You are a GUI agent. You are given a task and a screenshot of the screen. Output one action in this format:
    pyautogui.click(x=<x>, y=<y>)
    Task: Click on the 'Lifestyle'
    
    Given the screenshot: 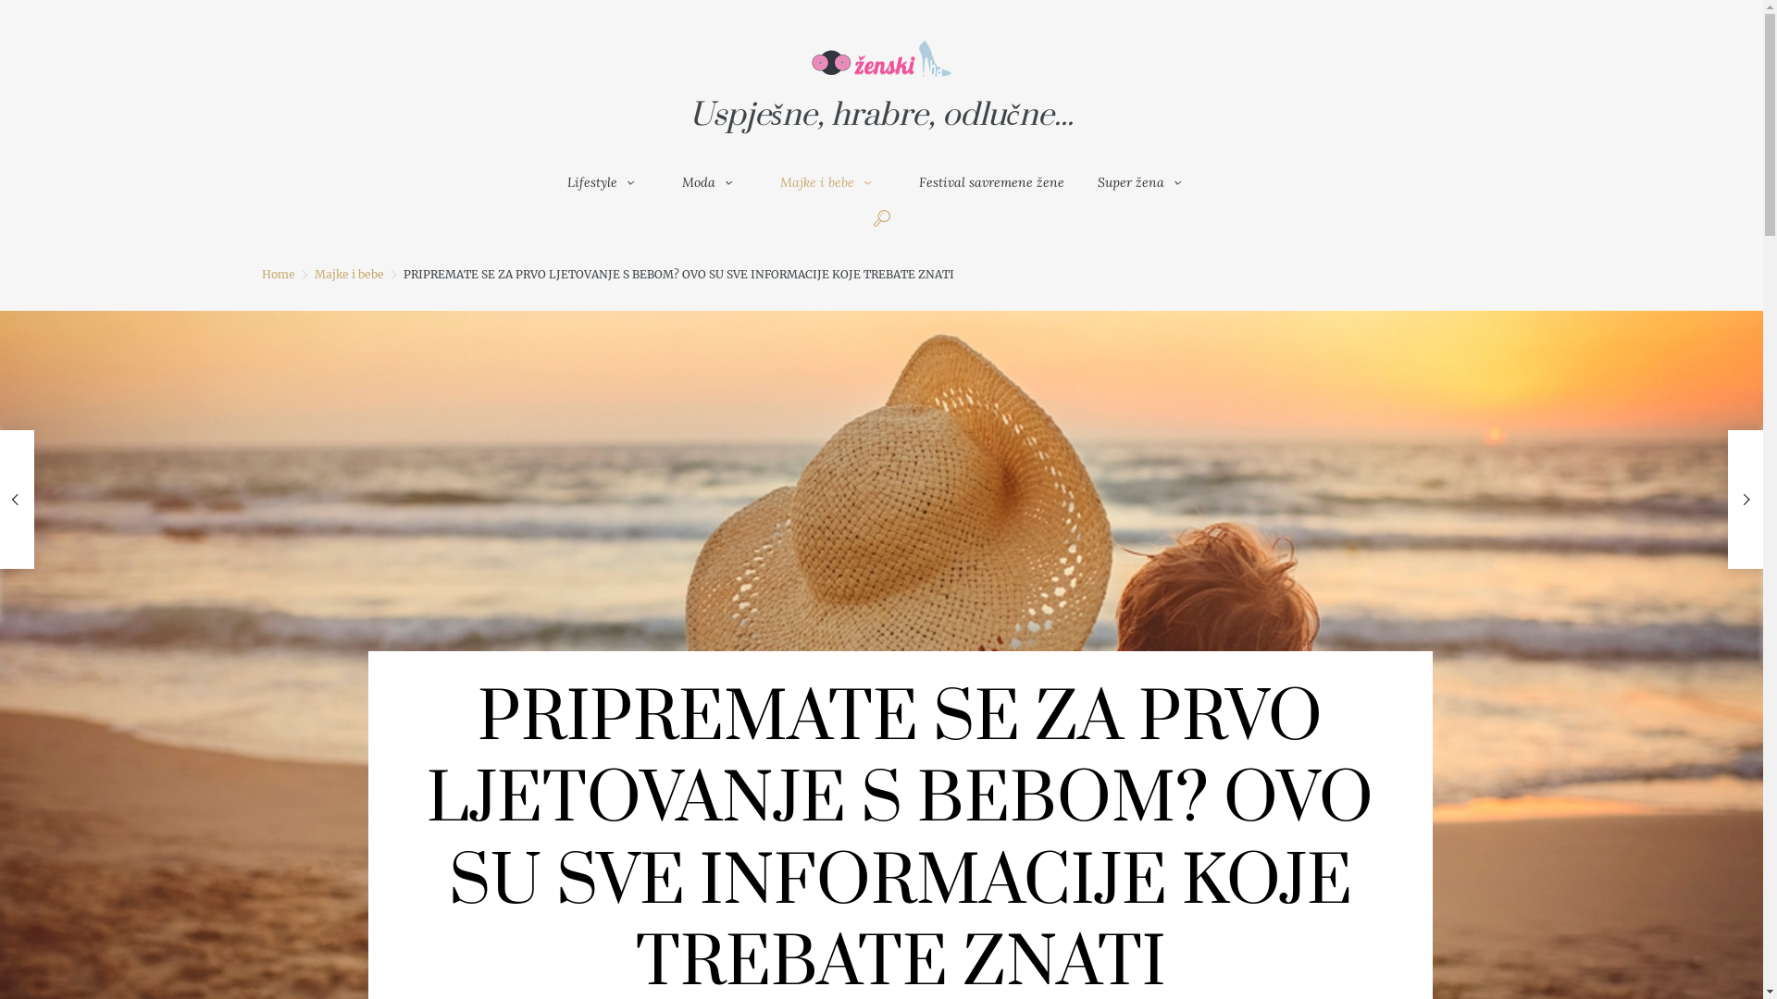 What is the action you would take?
    pyautogui.click(x=550, y=181)
    